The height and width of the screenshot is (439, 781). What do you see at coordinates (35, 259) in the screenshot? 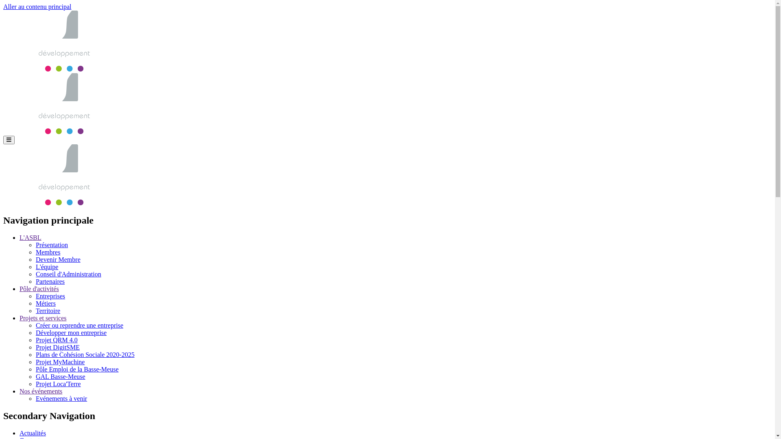
I see `'Devenir Membre'` at bounding box center [35, 259].